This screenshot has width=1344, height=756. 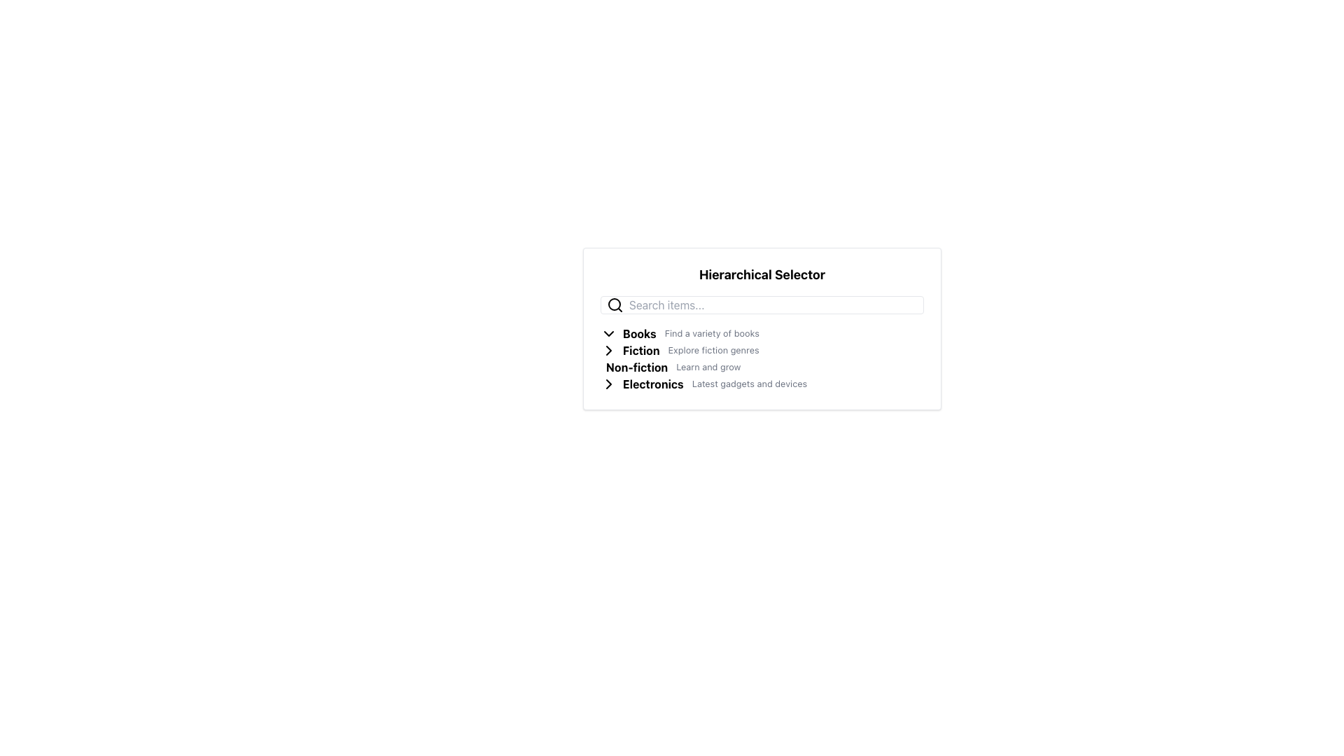 What do you see at coordinates (638, 334) in the screenshot?
I see `the text label displaying 'Books'` at bounding box center [638, 334].